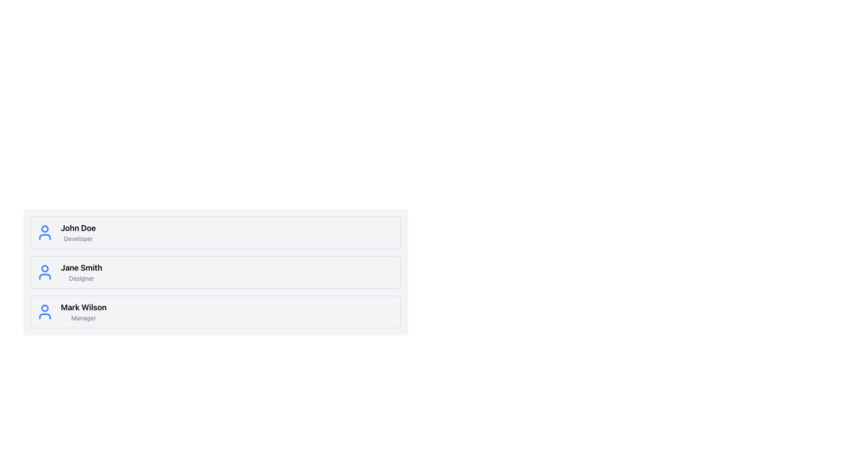 This screenshot has width=847, height=476. Describe the element at coordinates (44, 228) in the screenshot. I see `the decorative circle graphic in the SVG icon of the user profile for 'John Doe', located at the top-left corner of the user card` at that location.